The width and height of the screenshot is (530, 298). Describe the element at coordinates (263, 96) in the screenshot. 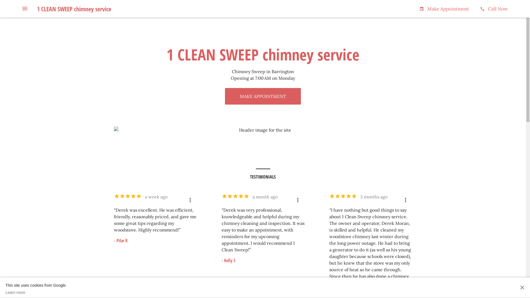

I see `'MAKE APPOINTMENT'` at that location.